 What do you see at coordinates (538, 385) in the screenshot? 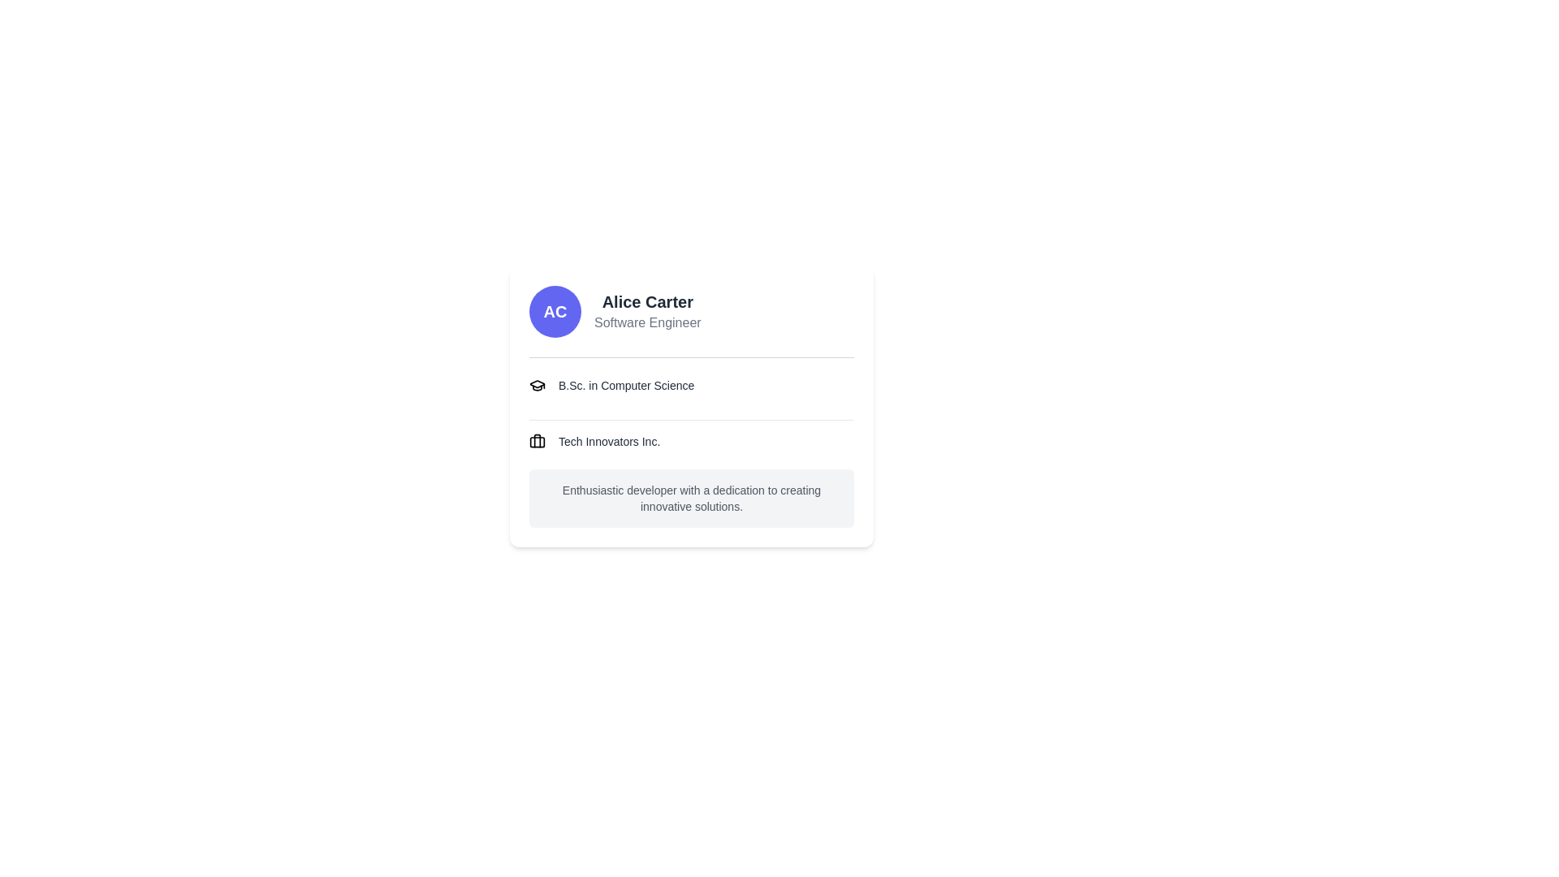
I see `the educational qualification icon next to the text 'B.Sc. in Computer Science'` at bounding box center [538, 385].